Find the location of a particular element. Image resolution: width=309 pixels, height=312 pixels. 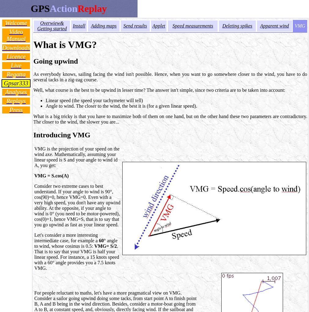

'Angle to wind. The closer to the wind, the best it is (for a given linear speed).' is located at coordinates (121, 105).